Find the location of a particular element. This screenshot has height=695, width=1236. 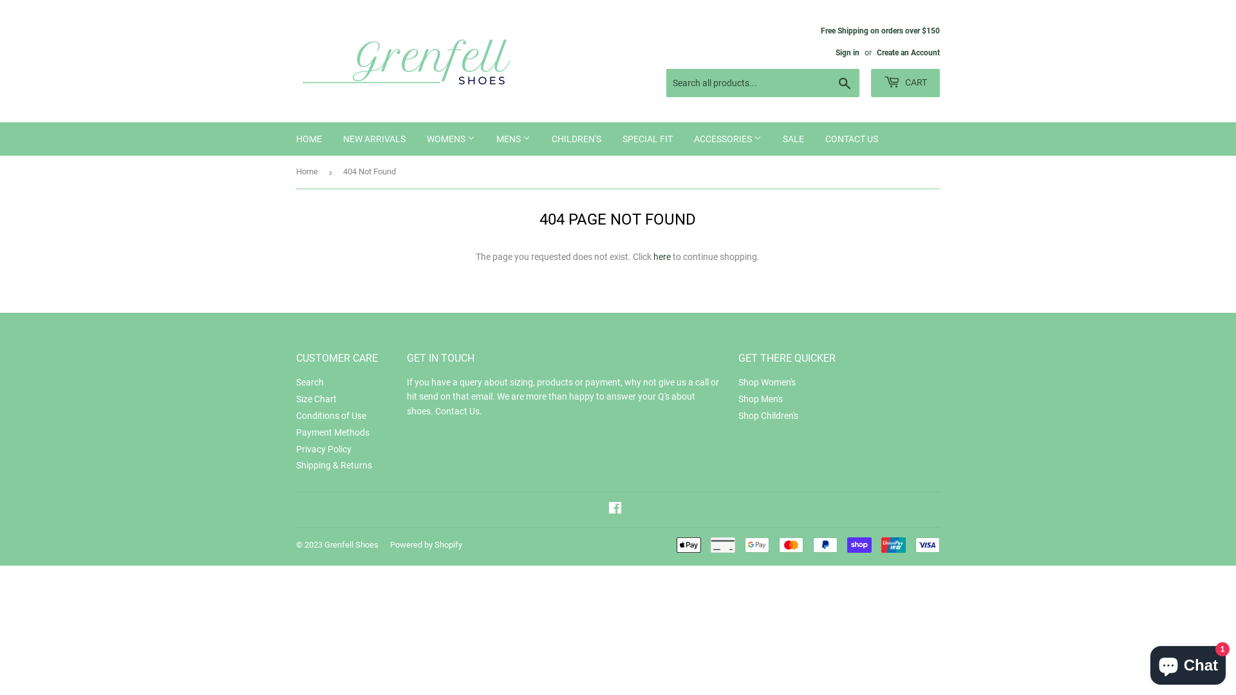

'ACCESSORIES' is located at coordinates (683, 139).